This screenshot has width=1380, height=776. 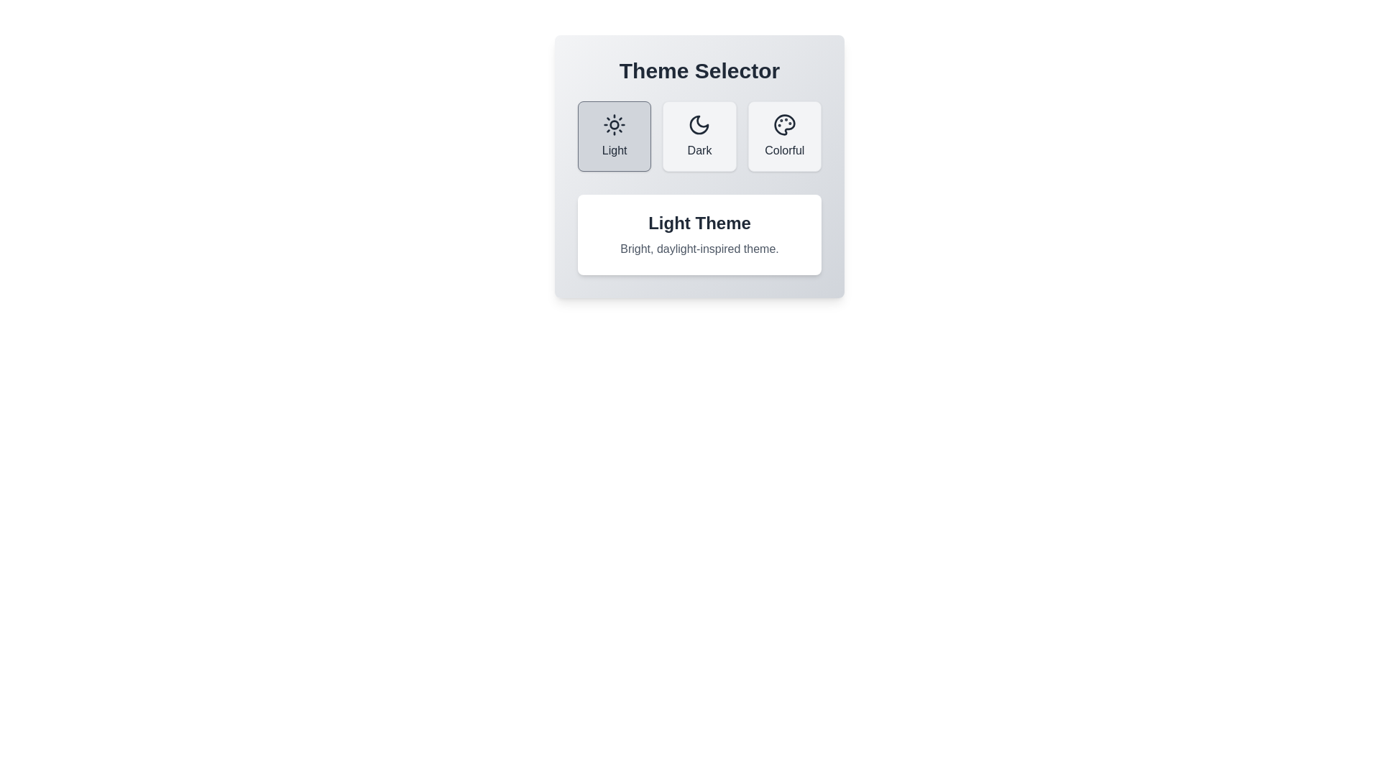 What do you see at coordinates (699, 136) in the screenshot?
I see `the 'Dark' theme button, which is a card-like rectangular box with rounded corners and a moon icon at the top-center` at bounding box center [699, 136].